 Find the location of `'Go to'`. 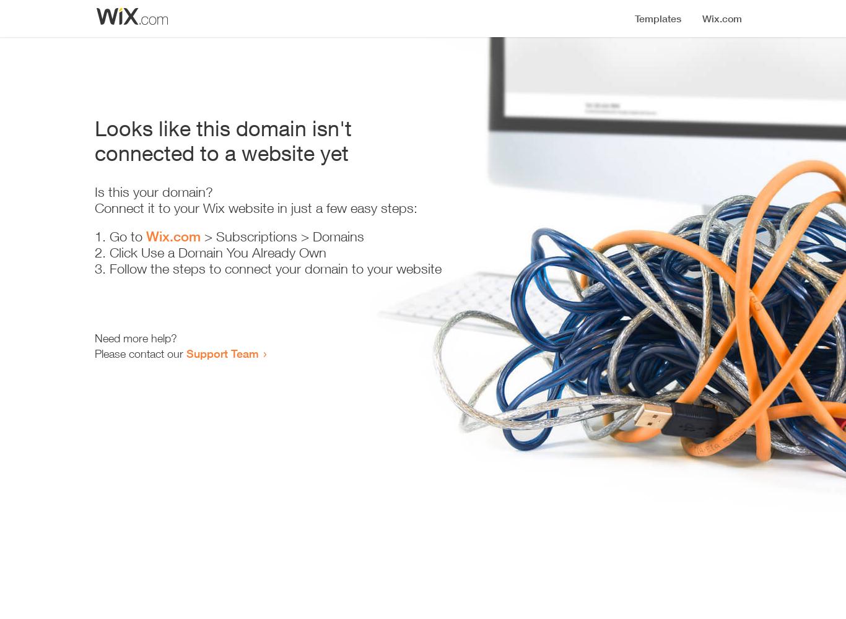

'Go to' is located at coordinates (127, 236).